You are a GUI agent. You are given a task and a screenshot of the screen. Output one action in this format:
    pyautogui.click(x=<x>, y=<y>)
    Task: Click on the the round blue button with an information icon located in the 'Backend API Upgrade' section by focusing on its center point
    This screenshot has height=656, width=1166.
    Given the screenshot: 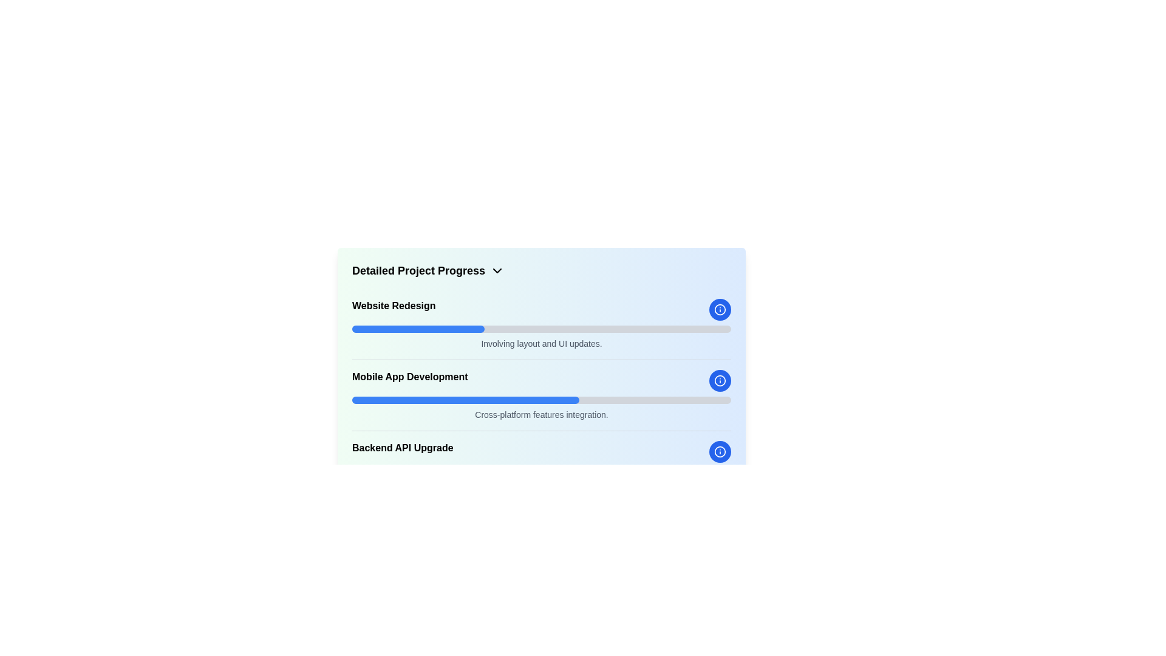 What is the action you would take?
    pyautogui.click(x=720, y=452)
    